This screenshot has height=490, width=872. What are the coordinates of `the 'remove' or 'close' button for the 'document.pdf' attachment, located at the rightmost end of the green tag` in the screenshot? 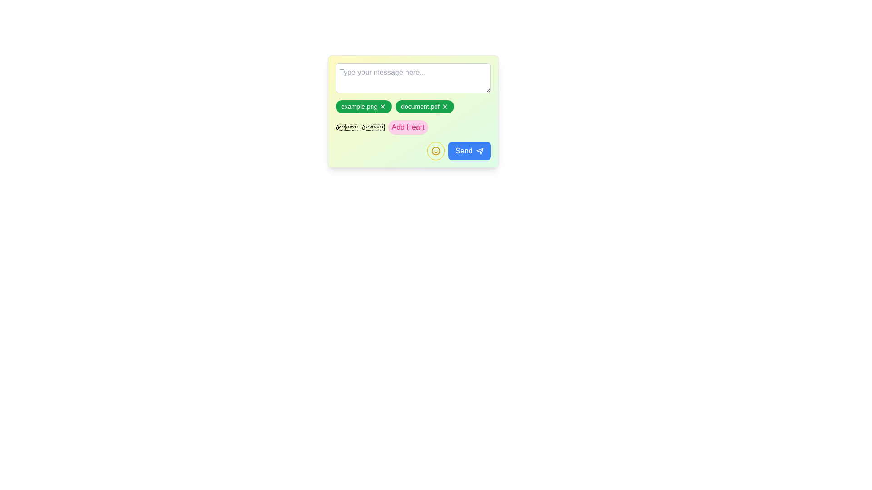 It's located at (445, 106).